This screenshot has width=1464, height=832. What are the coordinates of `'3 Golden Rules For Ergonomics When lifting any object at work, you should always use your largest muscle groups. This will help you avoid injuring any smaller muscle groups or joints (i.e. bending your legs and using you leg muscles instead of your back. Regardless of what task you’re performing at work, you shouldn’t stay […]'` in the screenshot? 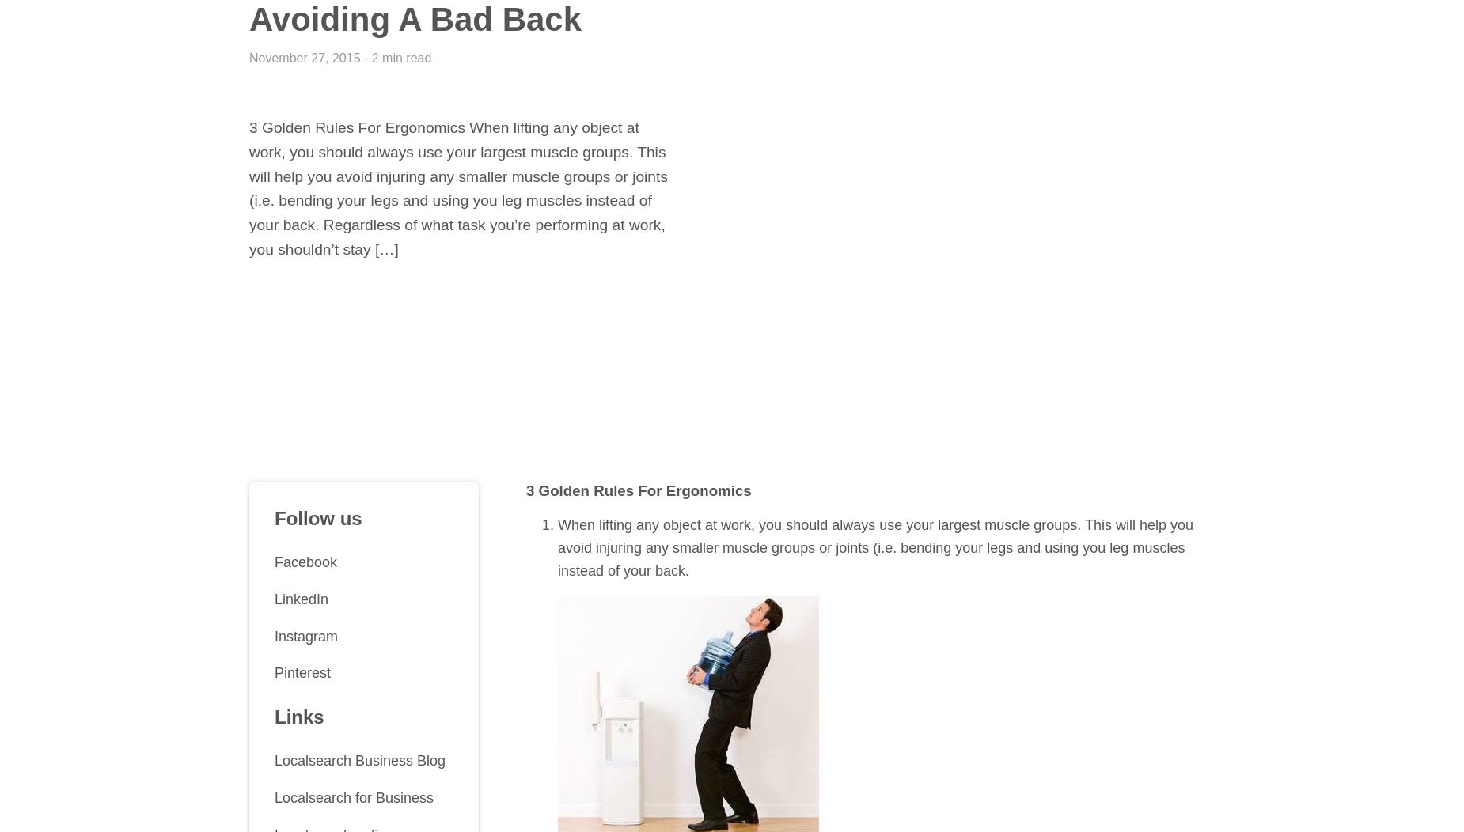 It's located at (458, 187).